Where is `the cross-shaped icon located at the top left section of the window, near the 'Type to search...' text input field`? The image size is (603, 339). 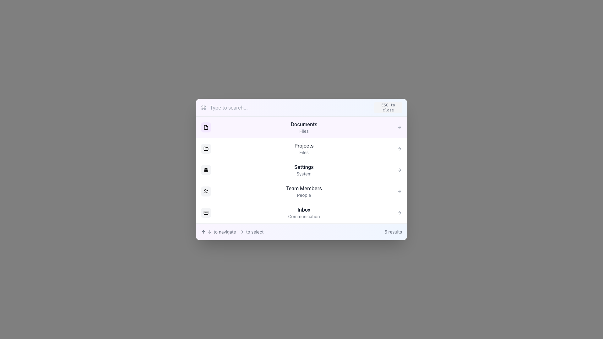 the cross-shaped icon located at the top left section of the window, near the 'Type to search...' text input field is located at coordinates (204, 107).